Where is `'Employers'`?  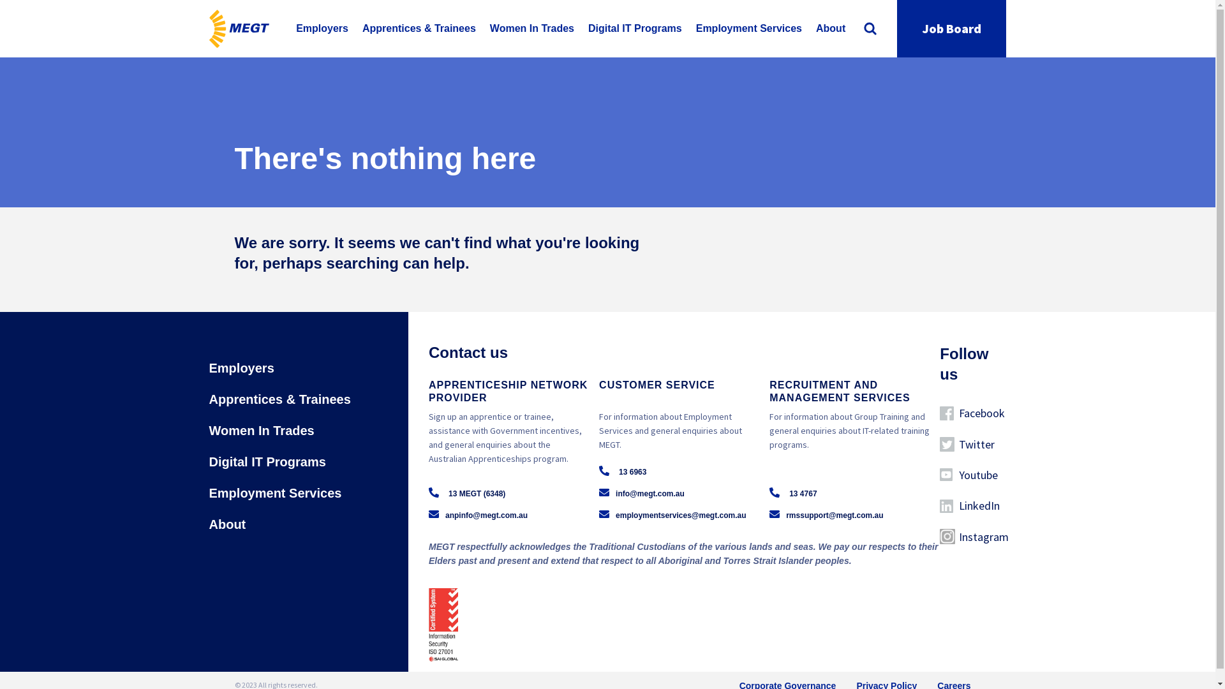 'Employers' is located at coordinates (244, 371).